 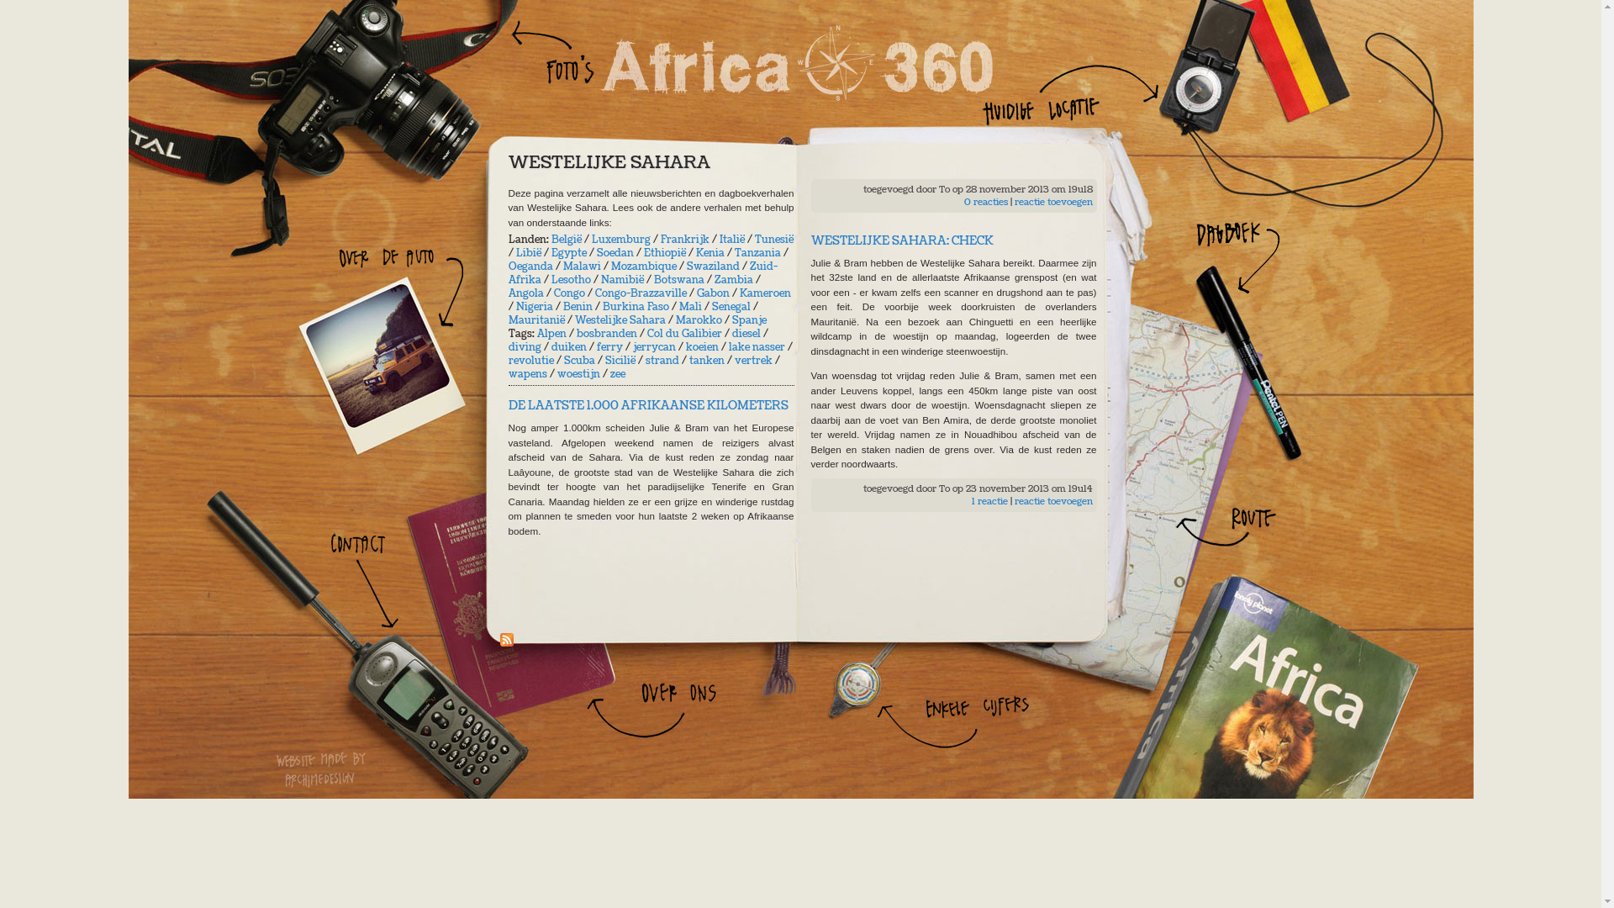 I want to click on 'Col du Galibier', so click(x=684, y=334).